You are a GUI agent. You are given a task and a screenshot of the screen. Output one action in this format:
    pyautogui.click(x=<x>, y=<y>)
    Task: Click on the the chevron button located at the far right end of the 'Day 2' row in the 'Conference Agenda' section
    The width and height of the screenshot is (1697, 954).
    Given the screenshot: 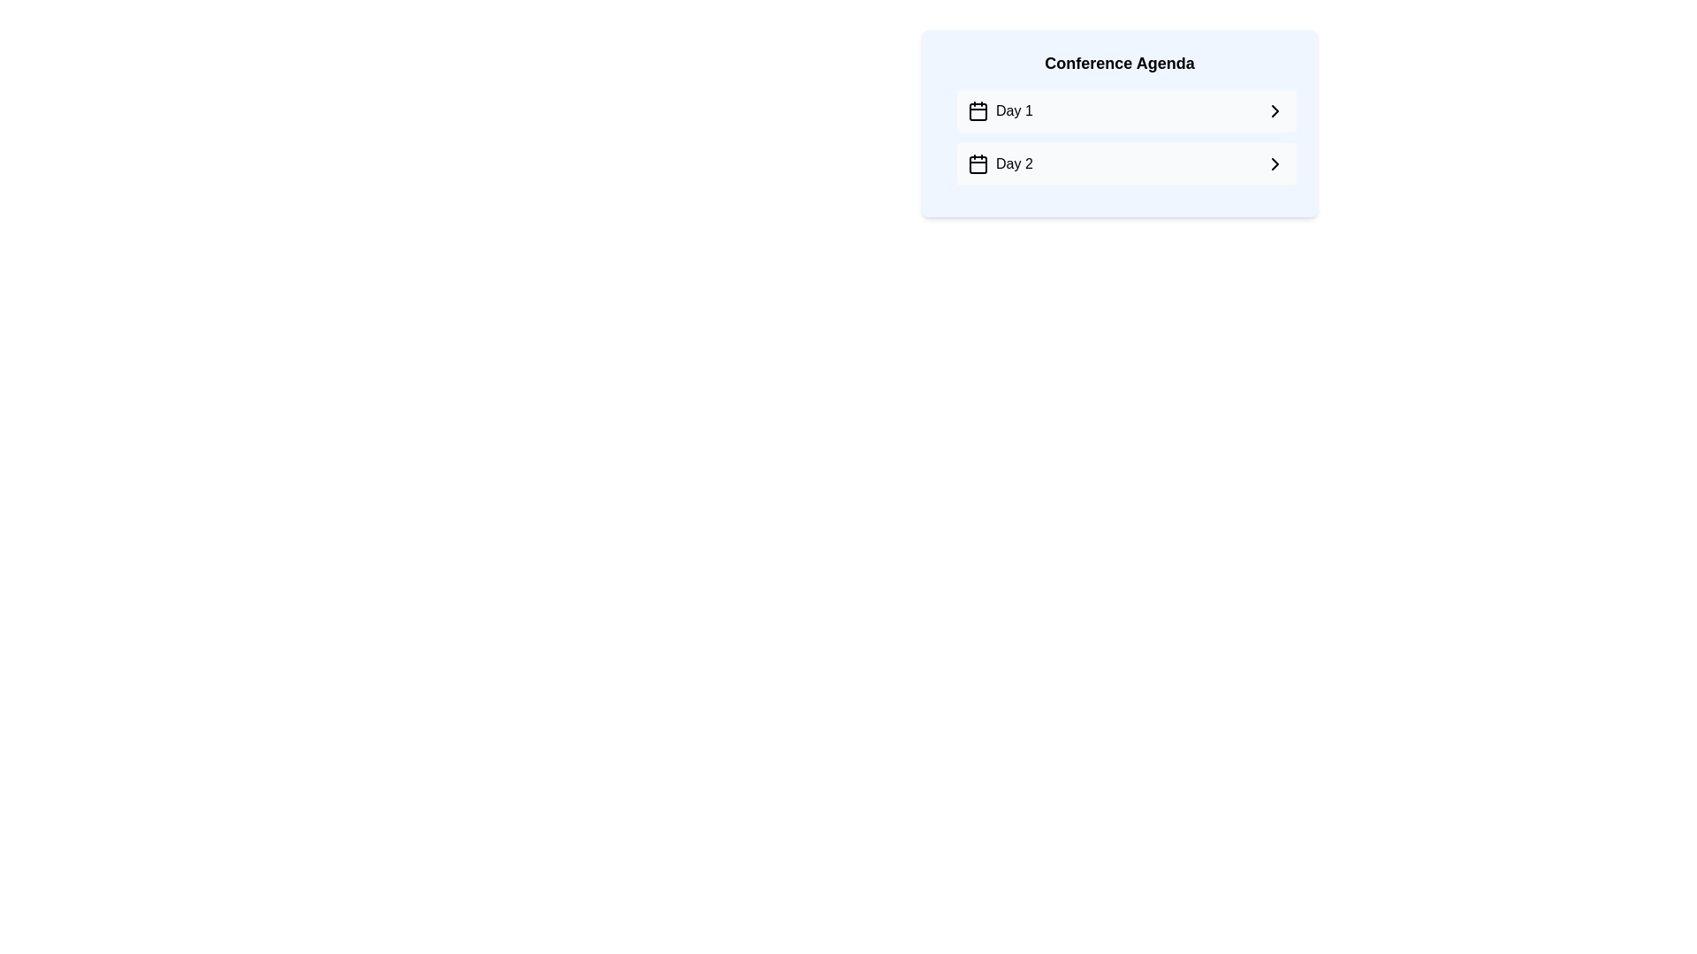 What is the action you would take?
    pyautogui.click(x=1275, y=163)
    